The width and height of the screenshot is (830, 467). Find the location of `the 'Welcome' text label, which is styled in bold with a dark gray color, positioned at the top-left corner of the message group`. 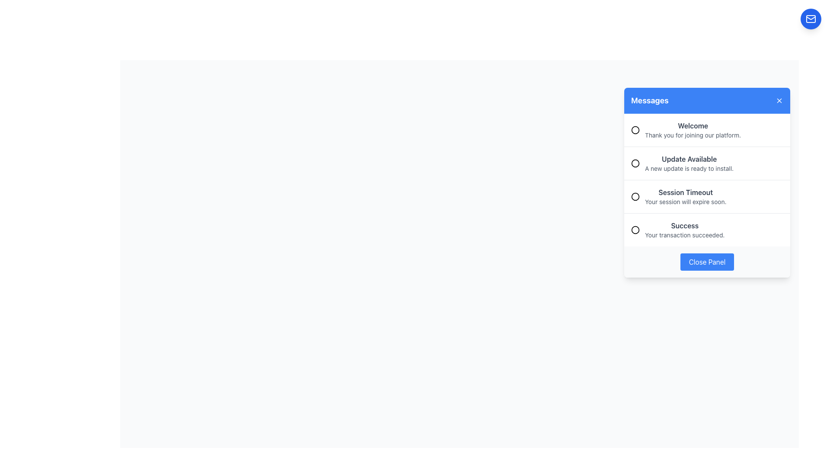

the 'Welcome' text label, which is styled in bold with a dark gray color, positioned at the top-left corner of the message group is located at coordinates (693, 125).